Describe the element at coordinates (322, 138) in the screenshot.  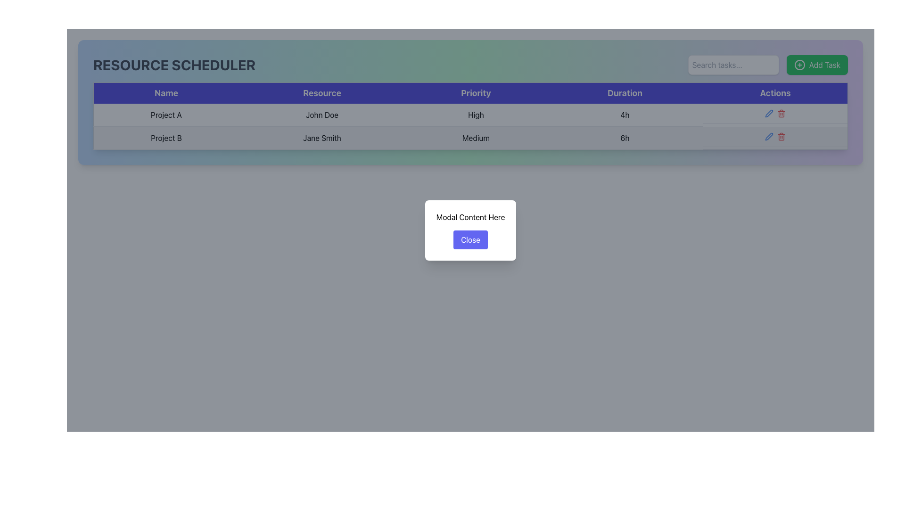
I see `text displayed in the 'Jane Smith' label, which is centrally aligned in the 'Resource' column of the second row in the table` at that location.